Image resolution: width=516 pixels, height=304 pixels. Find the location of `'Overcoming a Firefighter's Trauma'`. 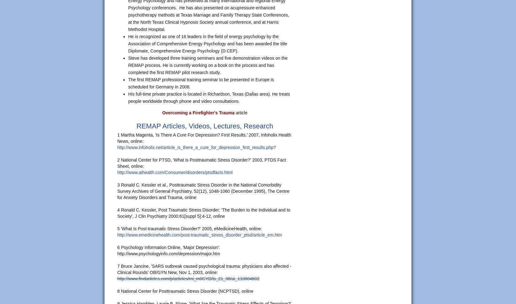

'Overcoming a Firefighter's Trauma' is located at coordinates (198, 112).